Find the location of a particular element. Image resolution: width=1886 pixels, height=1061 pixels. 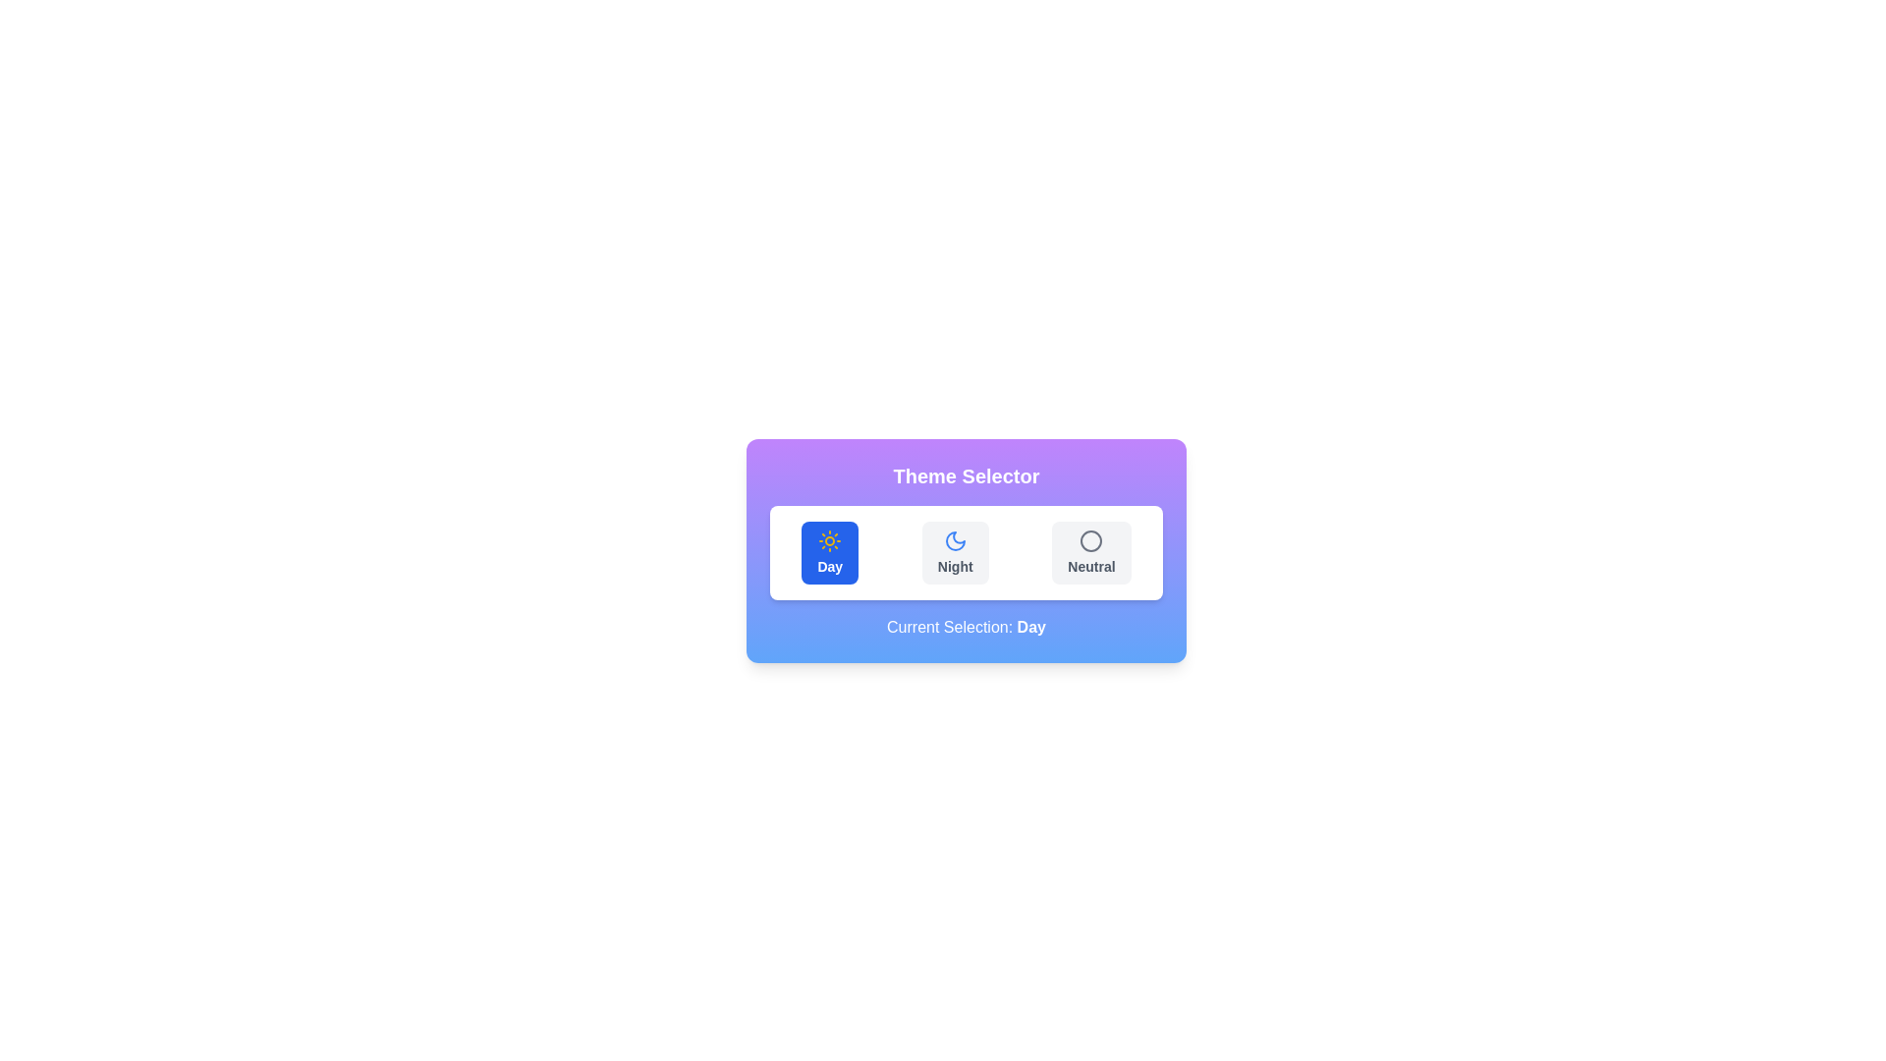

the crescent moon icon button in the second position of the theme selector is located at coordinates (955, 541).